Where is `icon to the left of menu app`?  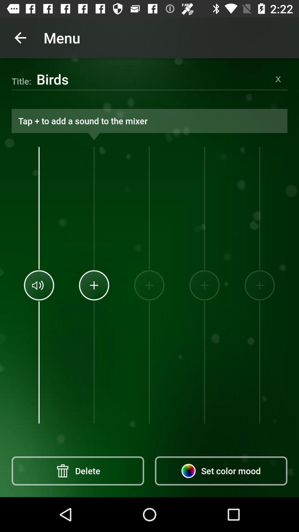 icon to the left of menu app is located at coordinates (20, 37).